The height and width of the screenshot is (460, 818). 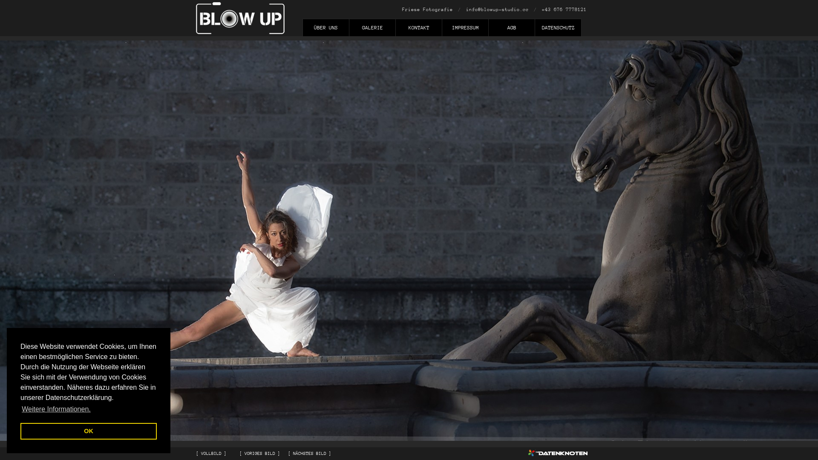 I want to click on 'KONTAKT', so click(x=418, y=29).